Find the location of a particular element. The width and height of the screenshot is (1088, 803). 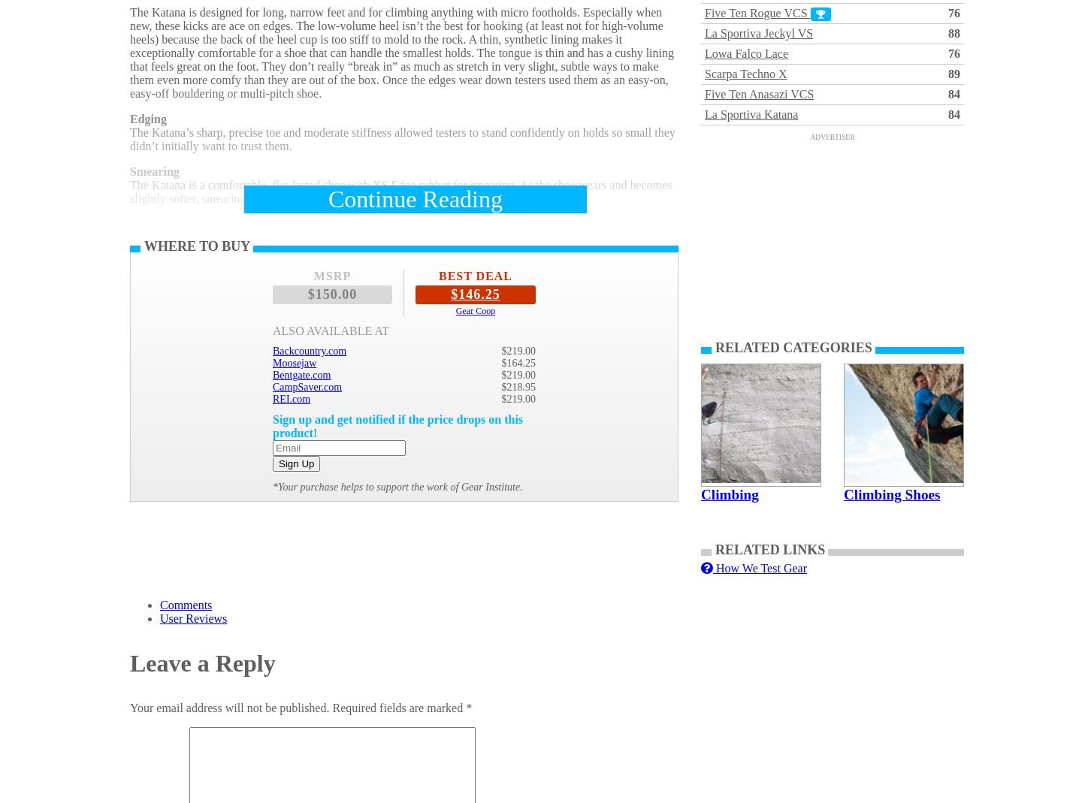

'Climbing' is located at coordinates (730, 494).